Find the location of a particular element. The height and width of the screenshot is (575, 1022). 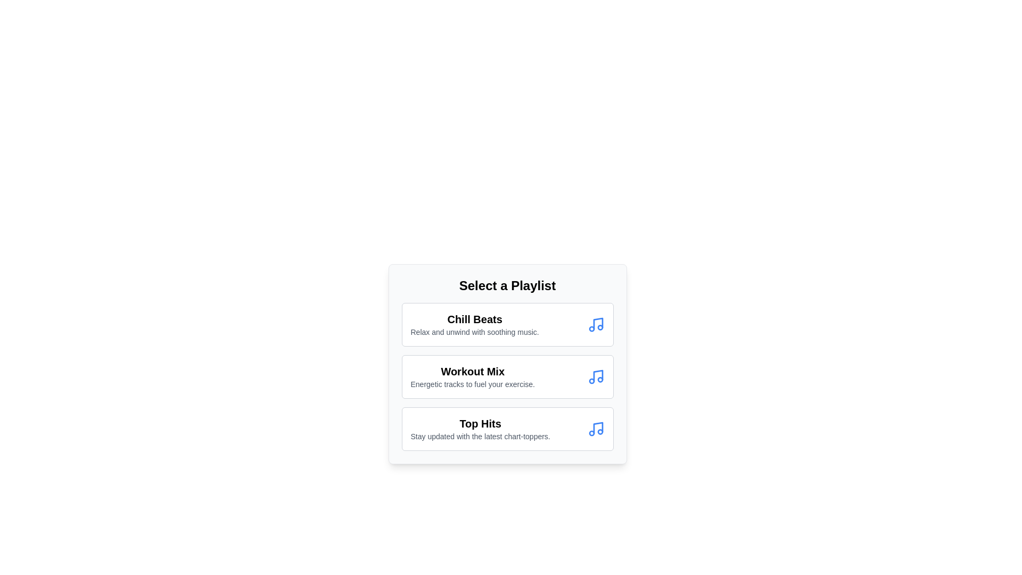

the first playlist option in the list below the heading 'Select a Playlist', which has a blue music icon to its right is located at coordinates (474, 324).